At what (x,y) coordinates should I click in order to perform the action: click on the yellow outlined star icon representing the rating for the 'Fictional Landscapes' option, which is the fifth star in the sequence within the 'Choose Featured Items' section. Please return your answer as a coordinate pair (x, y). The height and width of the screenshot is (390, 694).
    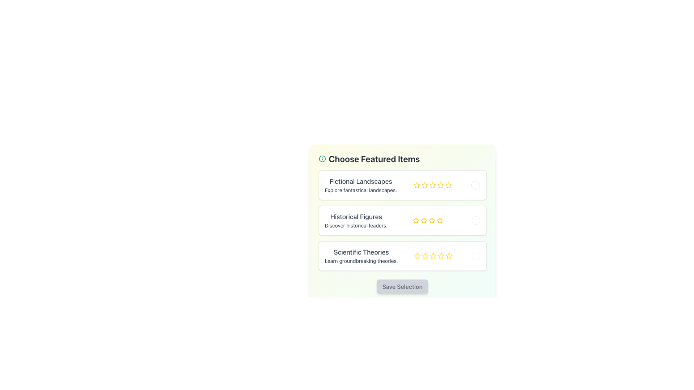
    Looking at the image, I should click on (440, 185).